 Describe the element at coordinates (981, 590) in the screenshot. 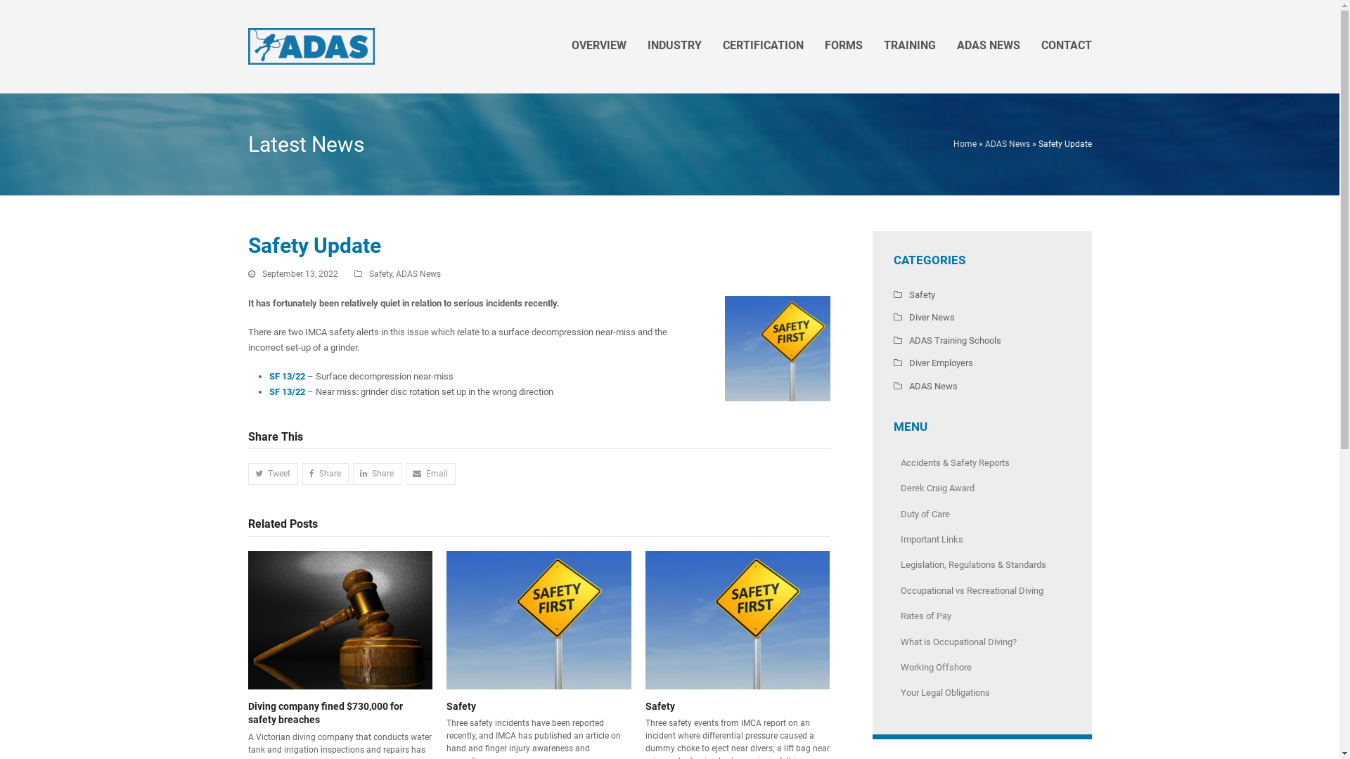

I see `'Occupational vs Recreational Diving'` at that location.